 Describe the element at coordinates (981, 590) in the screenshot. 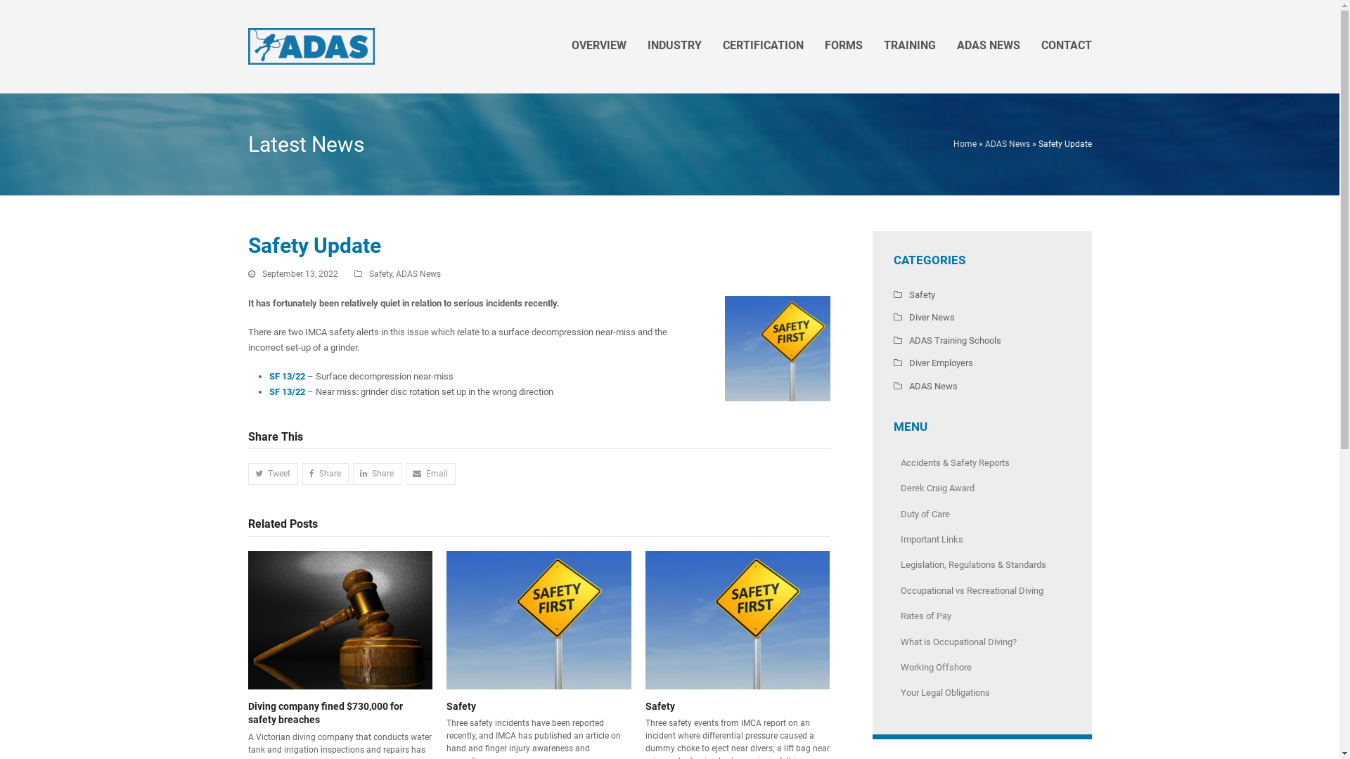

I see `'Occupational vs Recreational Diving'` at that location.